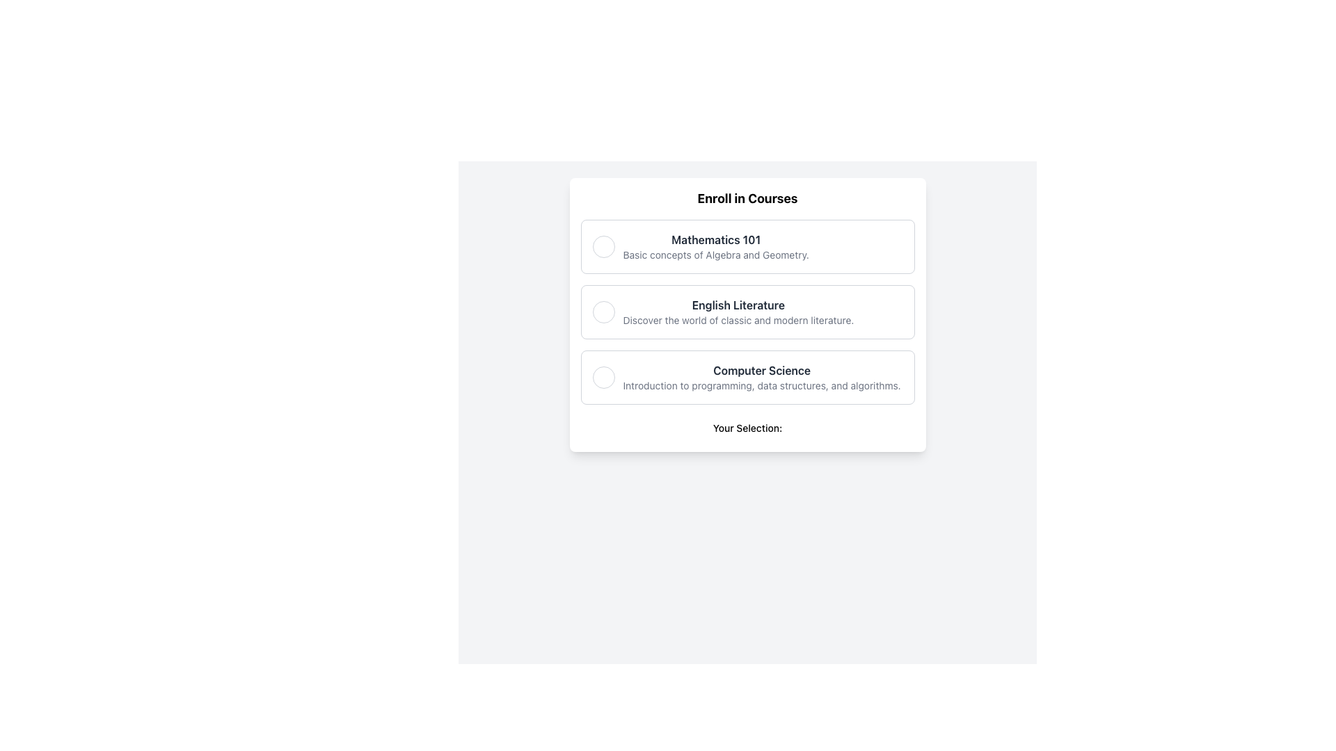 The height and width of the screenshot is (751, 1336). I want to click on text from the topmost Informational Section labeled 'Mathematics 101' which includes the description 'Basic concepts of Algebra and Geometry.', so click(747, 245).